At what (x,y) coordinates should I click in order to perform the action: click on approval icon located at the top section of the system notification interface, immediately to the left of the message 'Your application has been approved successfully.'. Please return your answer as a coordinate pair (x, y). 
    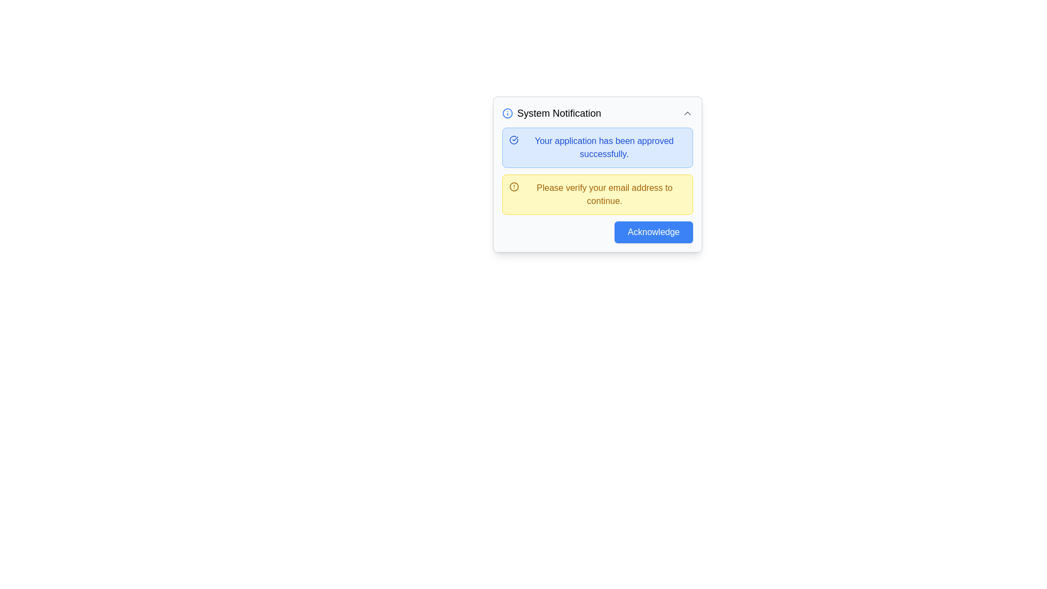
    Looking at the image, I should click on (513, 140).